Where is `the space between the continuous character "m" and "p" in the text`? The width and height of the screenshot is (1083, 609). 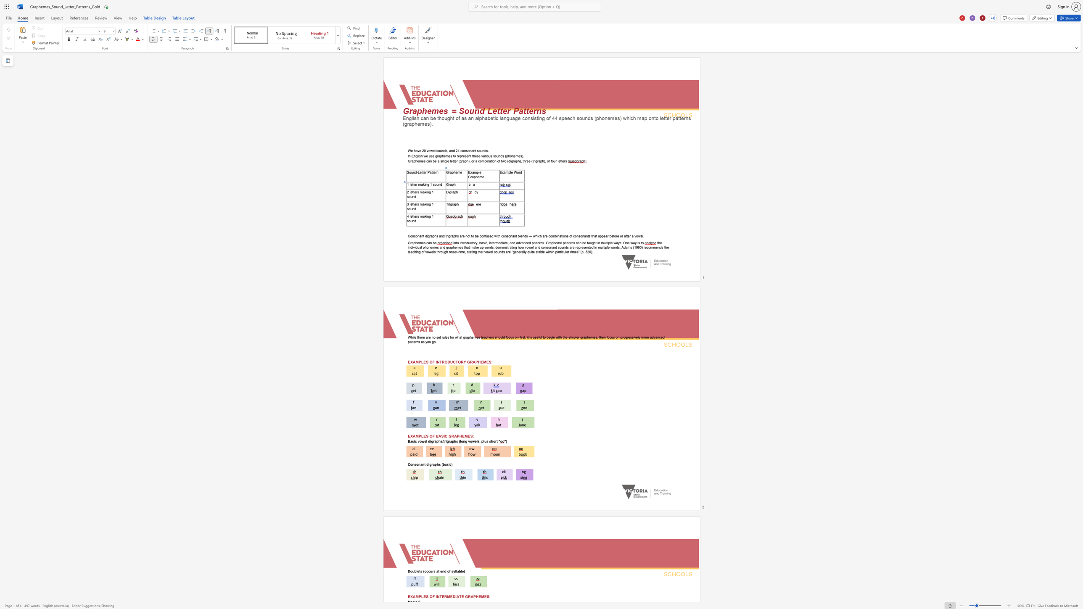
the space between the continuous character "m" and "p" in the text is located at coordinates (476, 172).